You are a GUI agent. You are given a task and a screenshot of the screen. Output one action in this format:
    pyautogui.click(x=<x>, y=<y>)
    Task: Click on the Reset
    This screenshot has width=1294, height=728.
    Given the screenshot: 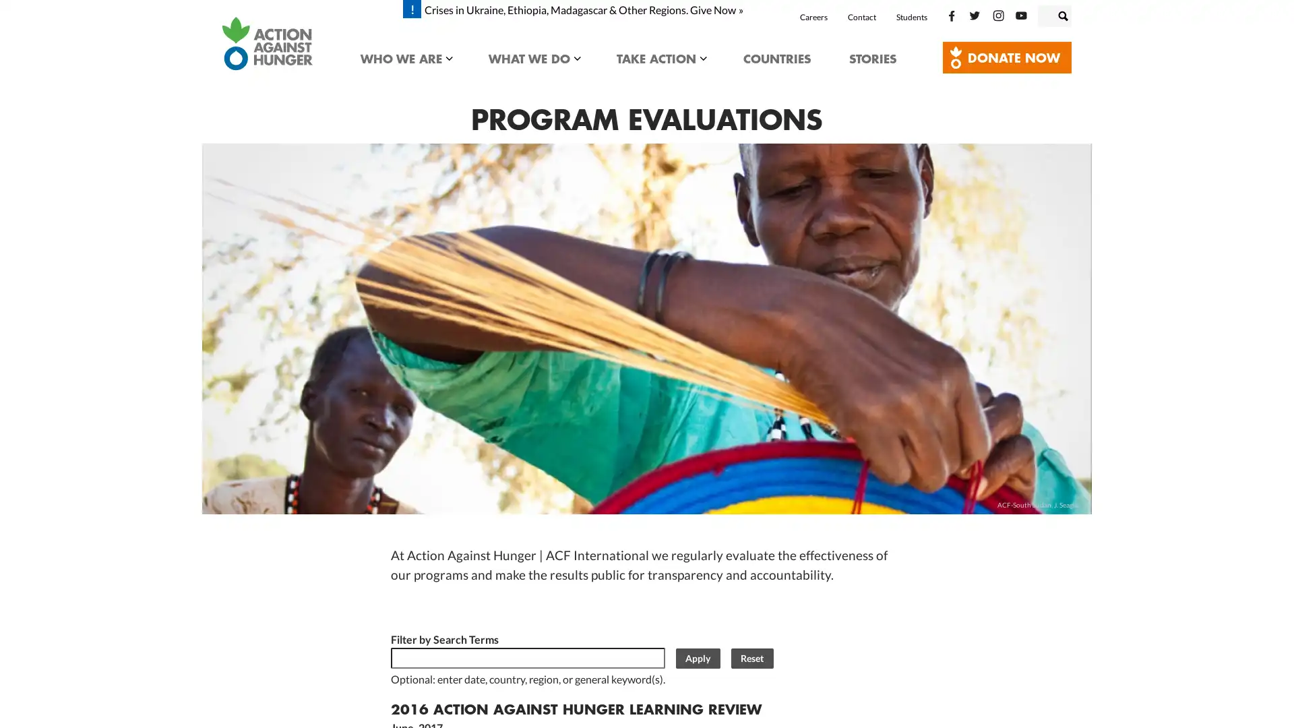 What is the action you would take?
    pyautogui.click(x=751, y=657)
    